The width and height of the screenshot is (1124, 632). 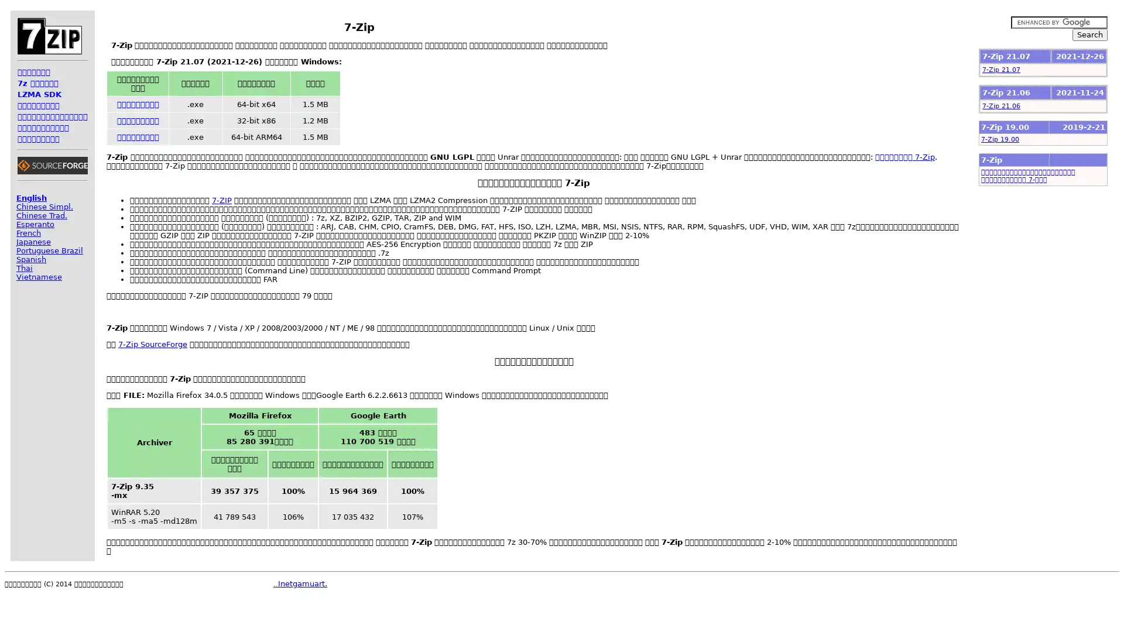 What do you see at coordinates (1089, 34) in the screenshot?
I see `Search` at bounding box center [1089, 34].